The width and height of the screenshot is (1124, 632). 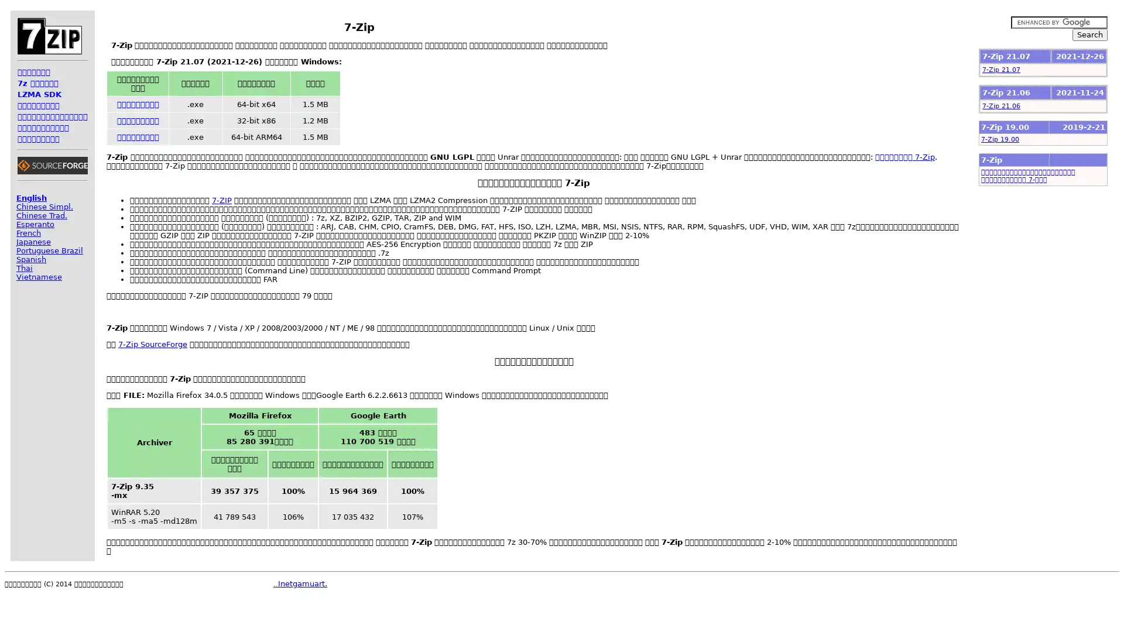 What do you see at coordinates (1089, 34) in the screenshot?
I see `Search` at bounding box center [1089, 34].